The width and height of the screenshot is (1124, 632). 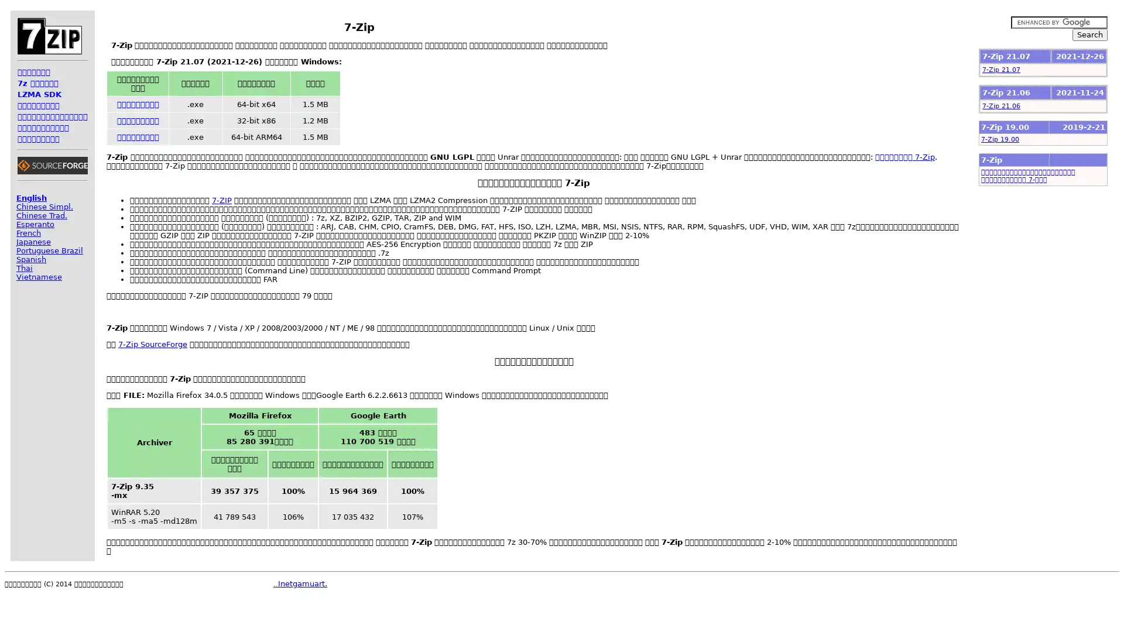 What do you see at coordinates (1089, 34) in the screenshot?
I see `Search` at bounding box center [1089, 34].